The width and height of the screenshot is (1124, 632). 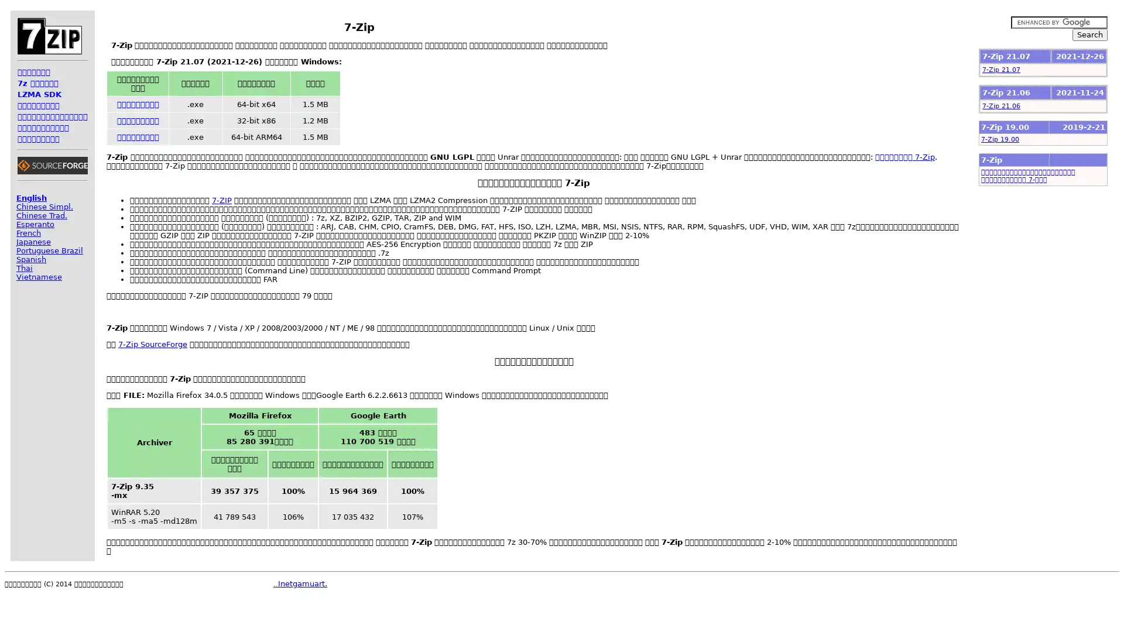 What do you see at coordinates (1089, 34) in the screenshot?
I see `Search` at bounding box center [1089, 34].